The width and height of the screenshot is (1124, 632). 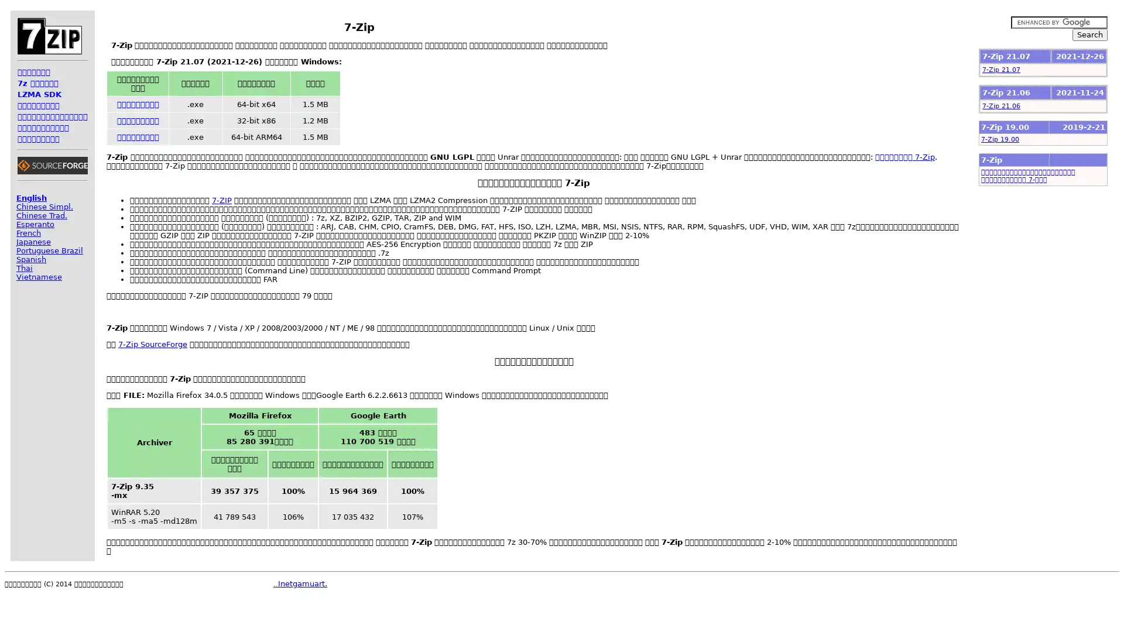 What do you see at coordinates (1089, 34) in the screenshot?
I see `Search` at bounding box center [1089, 34].